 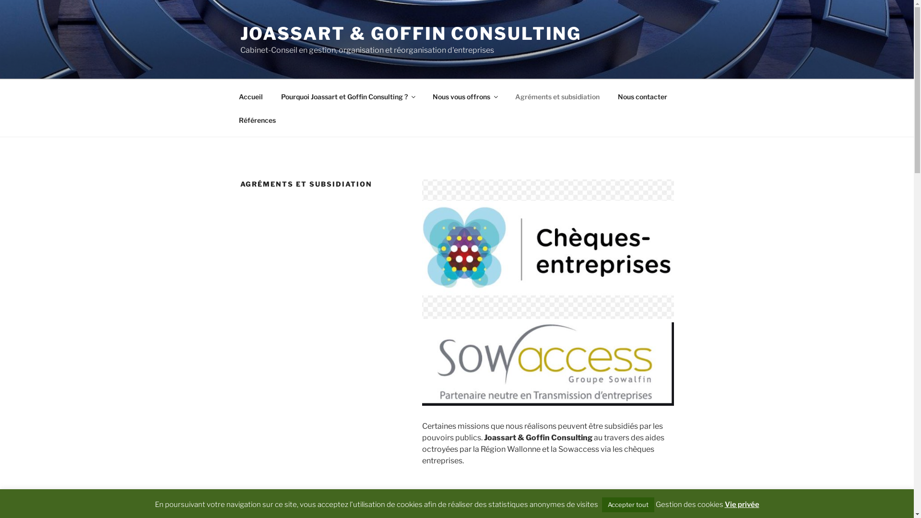 What do you see at coordinates (347, 96) in the screenshot?
I see `'Pourquoi Joassart et Goffin Consulting ?'` at bounding box center [347, 96].